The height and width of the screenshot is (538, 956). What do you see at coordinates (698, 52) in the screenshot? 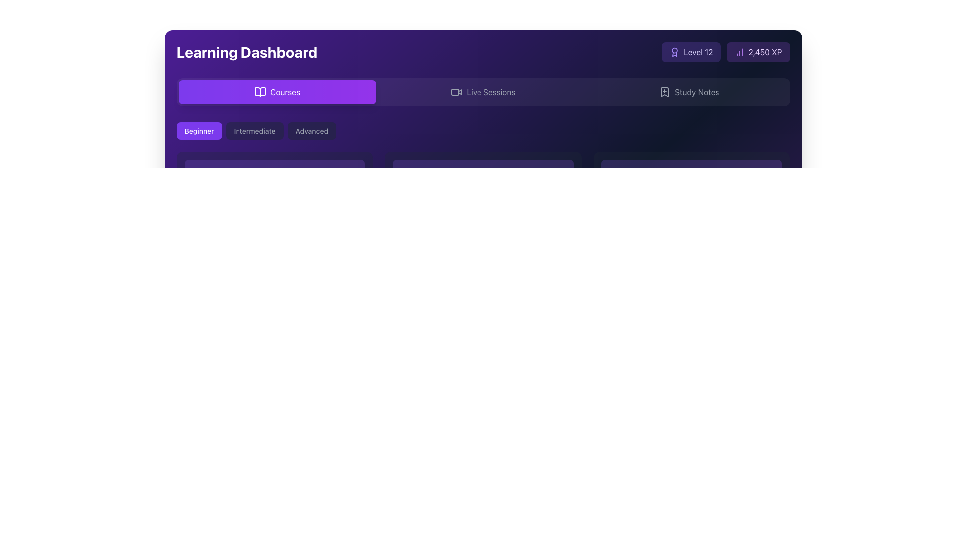
I see `the static text display indicating the user's level or rank in the top-right section of the interface` at bounding box center [698, 52].